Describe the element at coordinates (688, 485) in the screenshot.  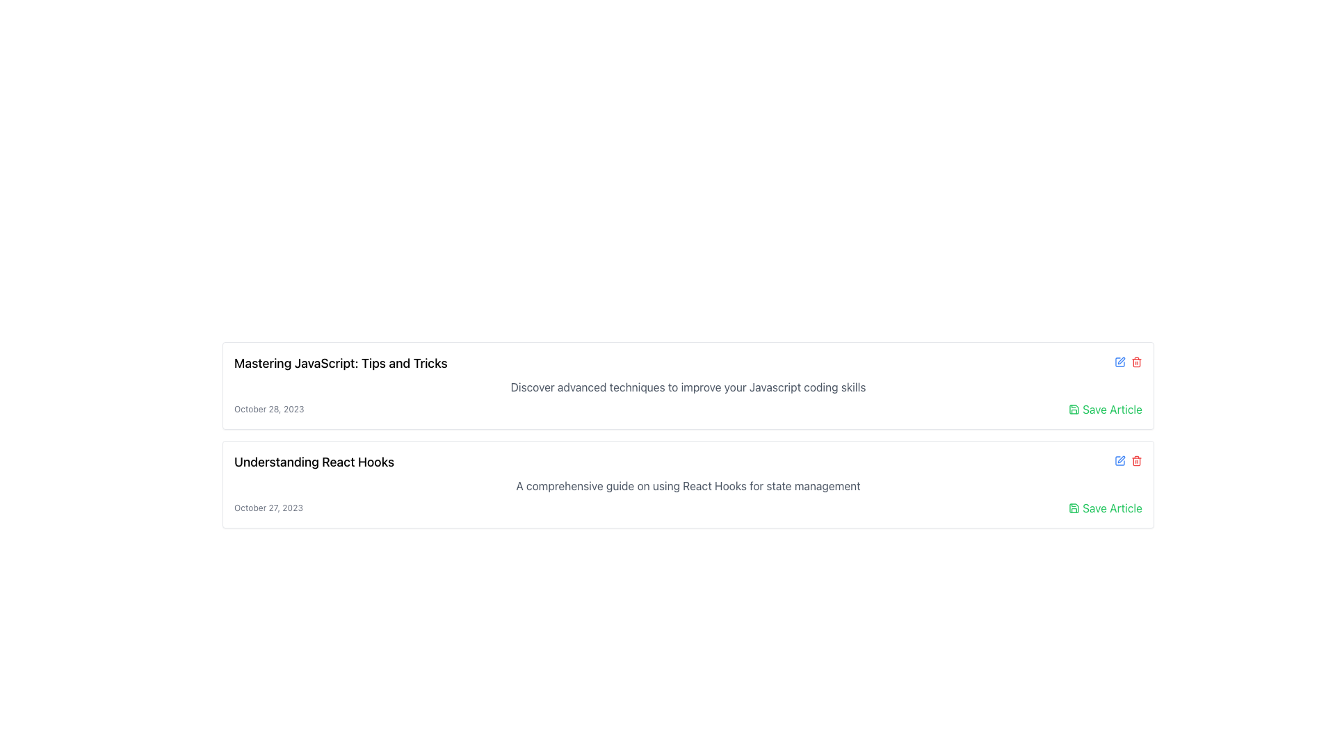
I see `description text located within the main content display section of the 'Understanding React Hooks' card module, specifically the second visible text component` at that location.